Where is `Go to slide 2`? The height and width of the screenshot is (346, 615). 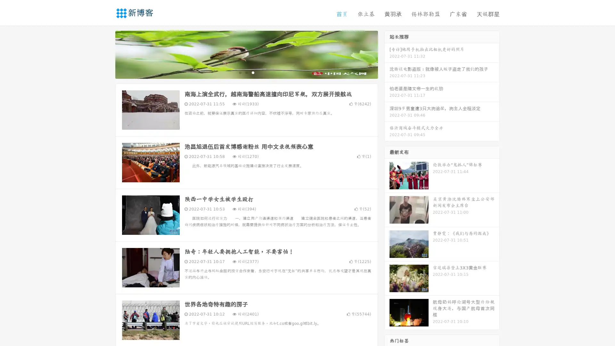 Go to slide 2 is located at coordinates (246, 72).